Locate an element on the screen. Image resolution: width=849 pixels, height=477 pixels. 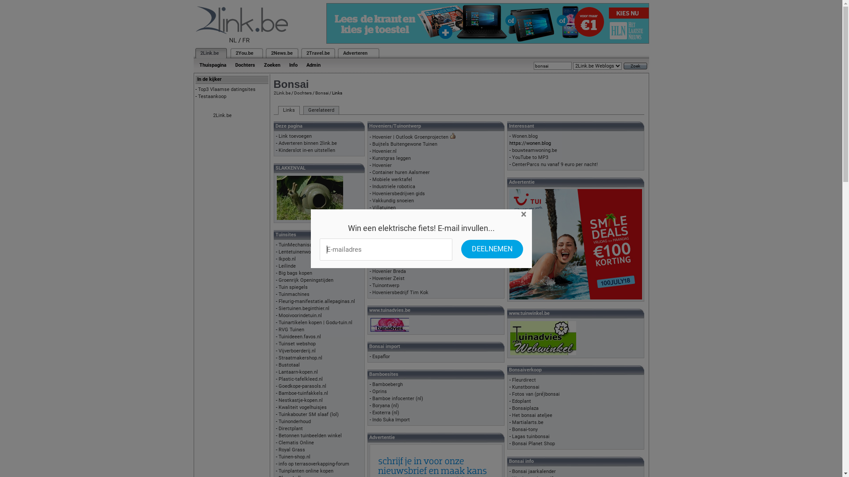
'Hovenier' is located at coordinates (372, 165).